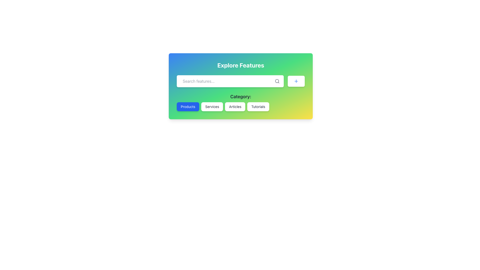  Describe the element at coordinates (212, 106) in the screenshot. I see `the 'Services' button, which has rounded edges and a white background` at that location.